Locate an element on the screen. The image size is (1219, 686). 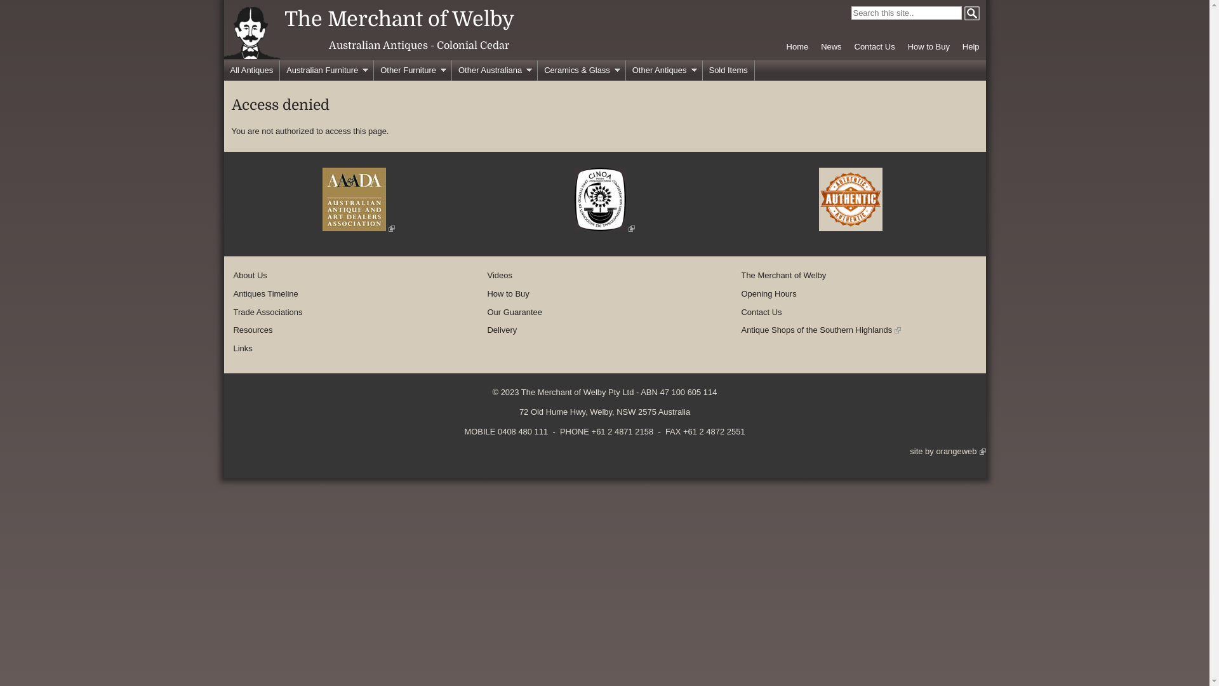
'Resources' is located at coordinates (253, 329).